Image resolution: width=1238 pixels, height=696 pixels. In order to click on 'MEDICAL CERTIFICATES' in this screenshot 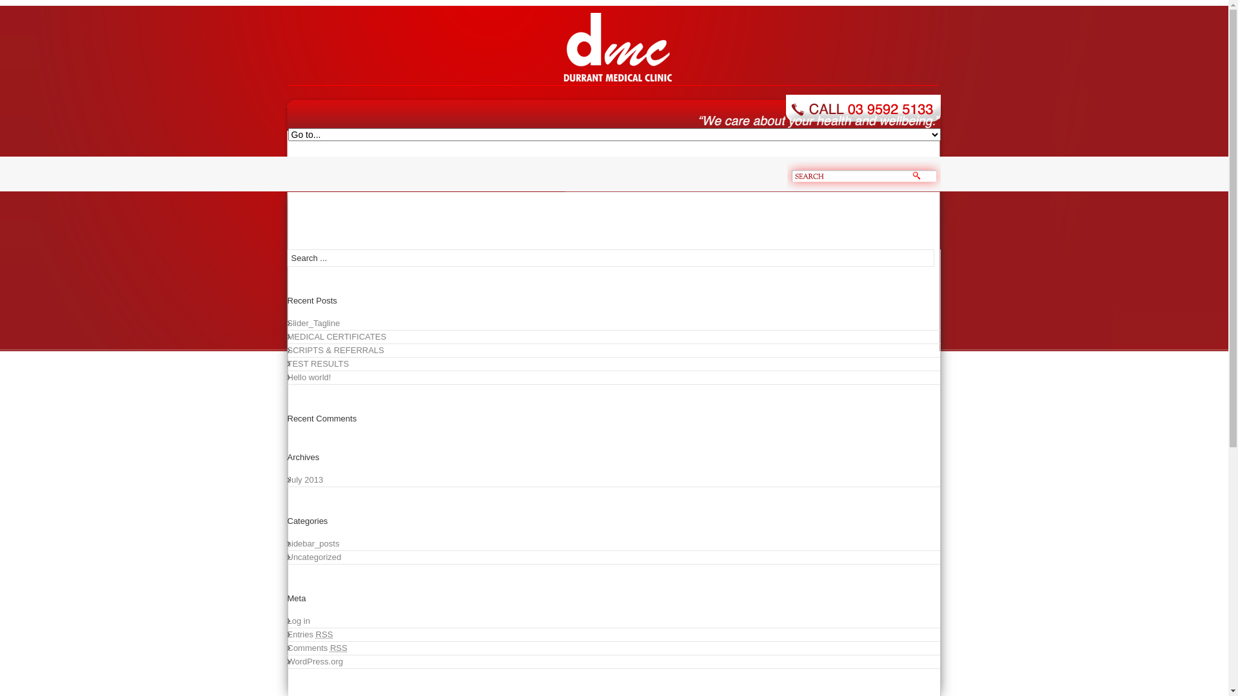, I will do `click(287, 336)`.